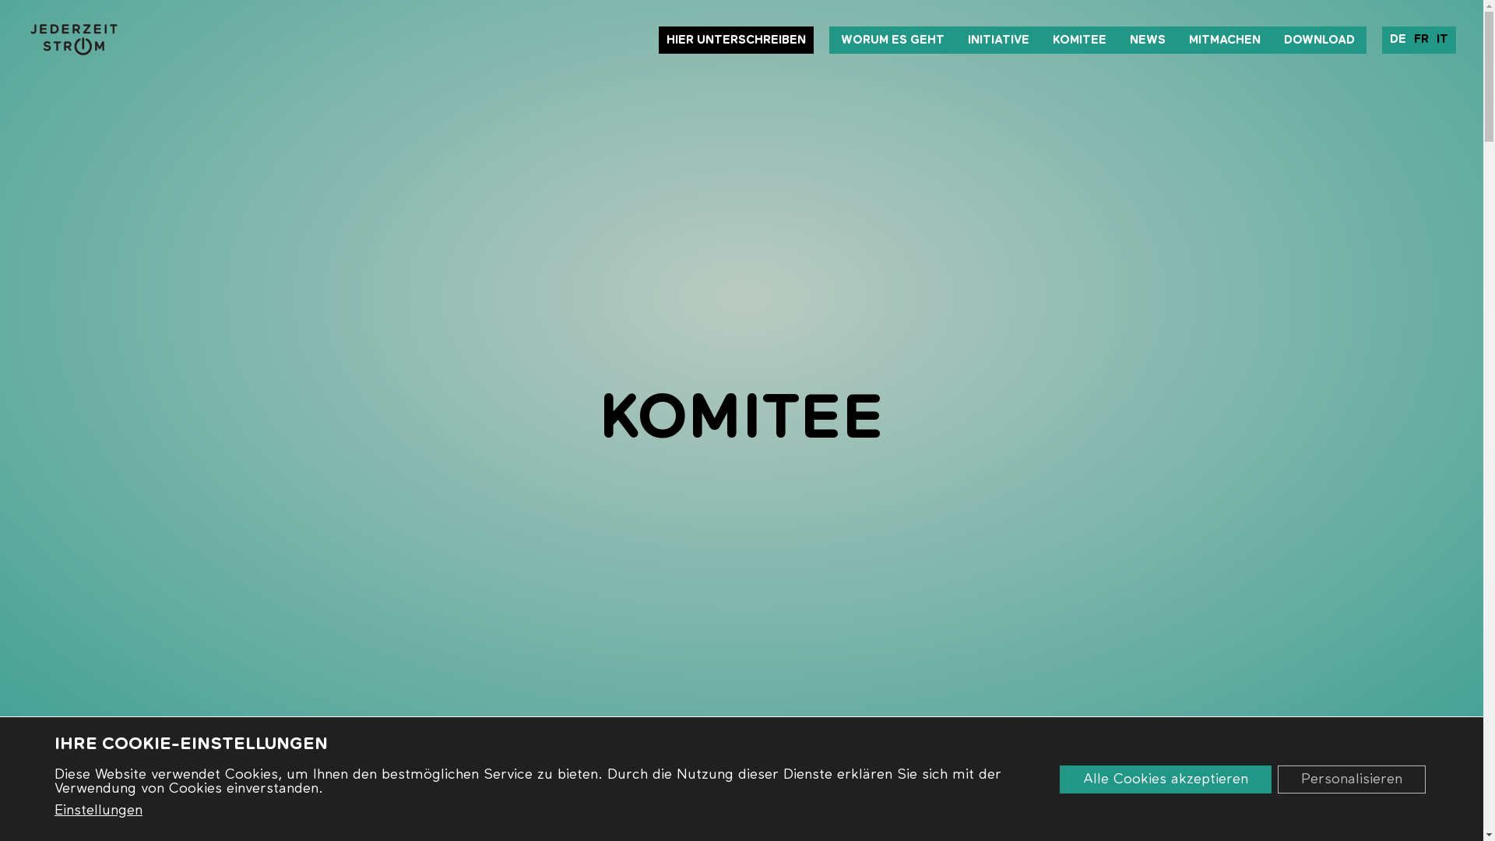  What do you see at coordinates (1432, 38) in the screenshot?
I see `'IT'` at bounding box center [1432, 38].